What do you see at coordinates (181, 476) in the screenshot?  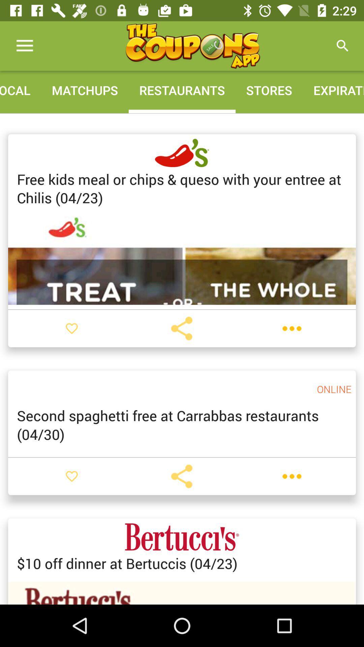 I see `share the coupon` at bounding box center [181, 476].